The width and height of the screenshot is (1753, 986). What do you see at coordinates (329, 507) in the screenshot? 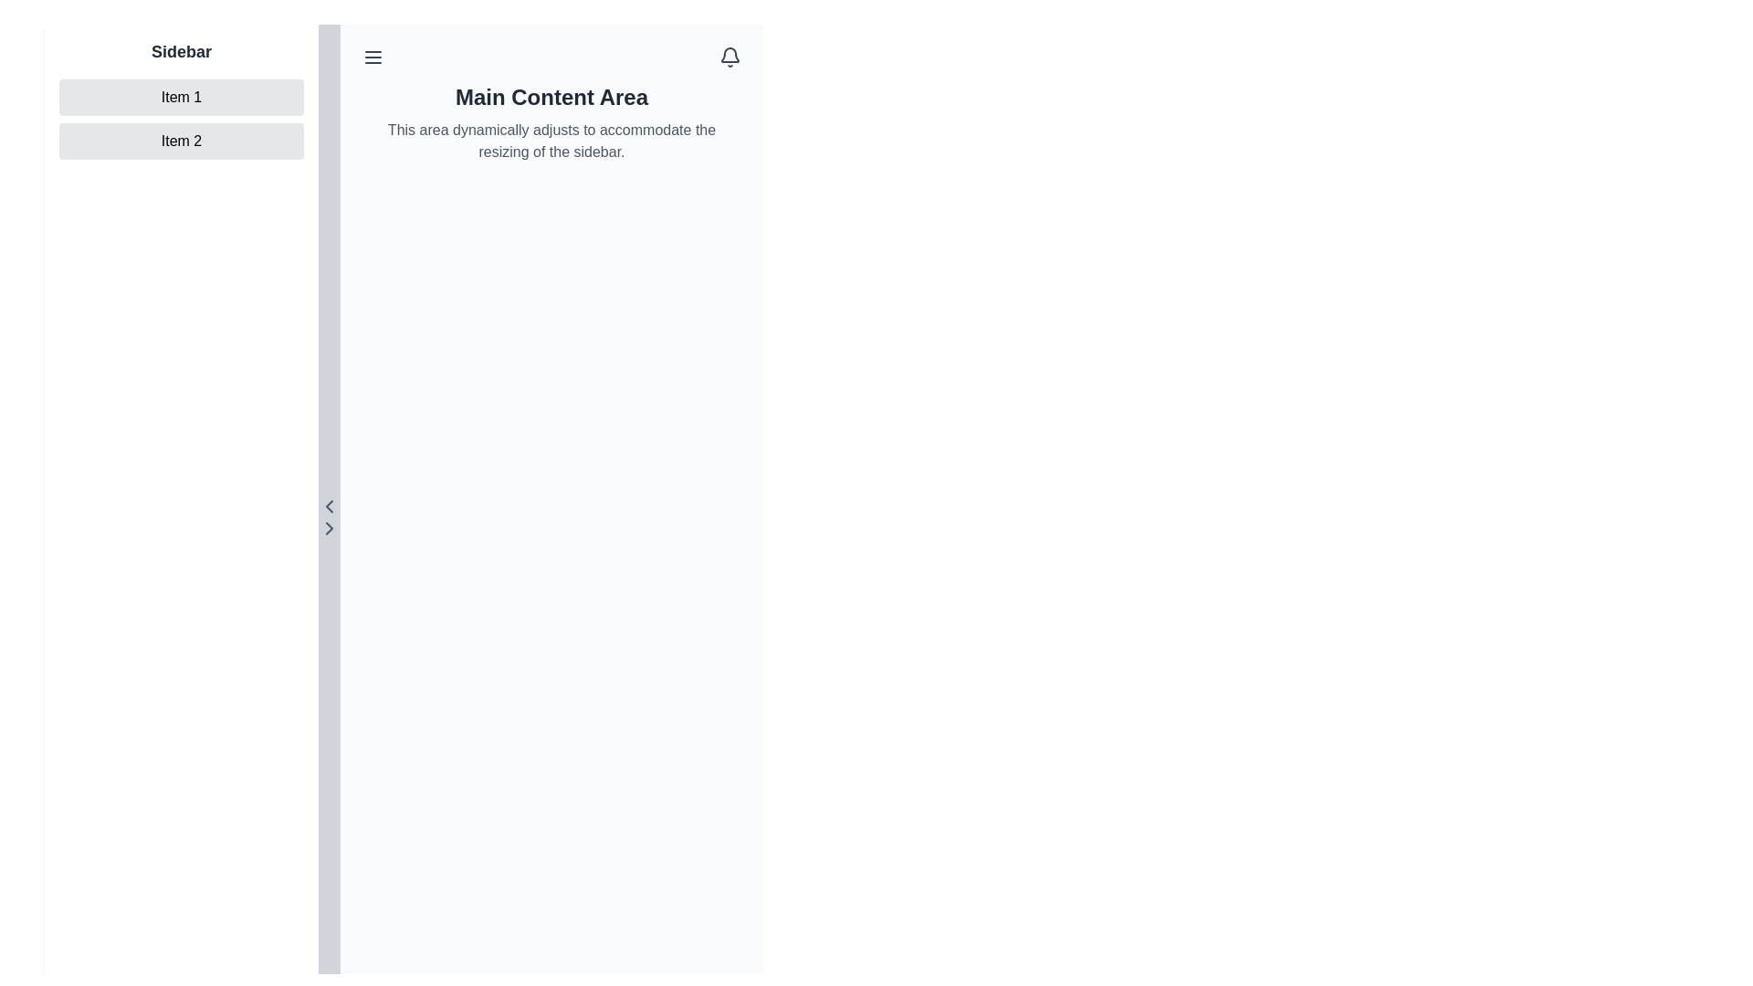
I see `the left-pointing chevron SVG icon to interact and modify the state of the adjacent sidebar` at bounding box center [329, 507].